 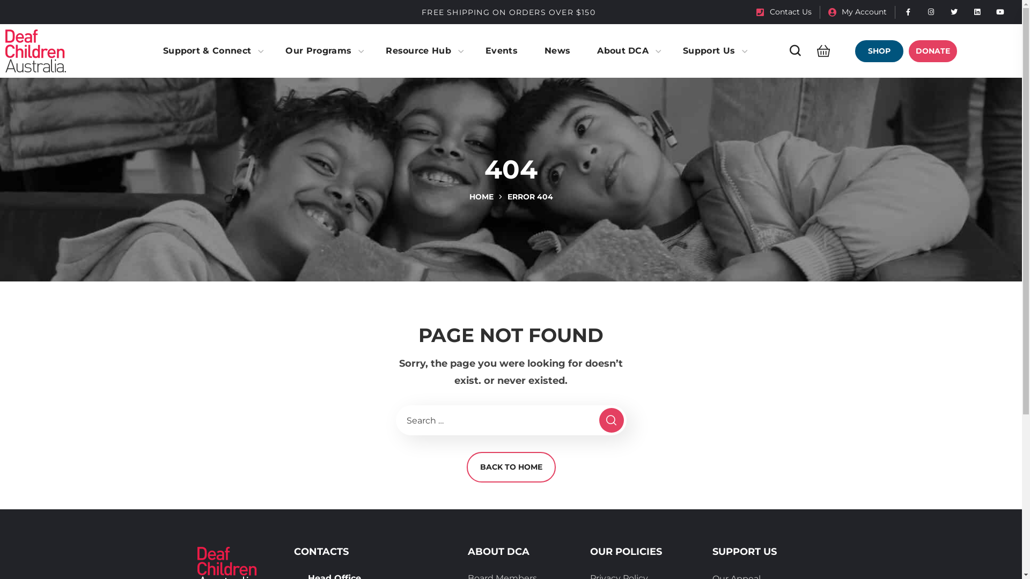 What do you see at coordinates (501, 51) in the screenshot?
I see `'Events'` at bounding box center [501, 51].